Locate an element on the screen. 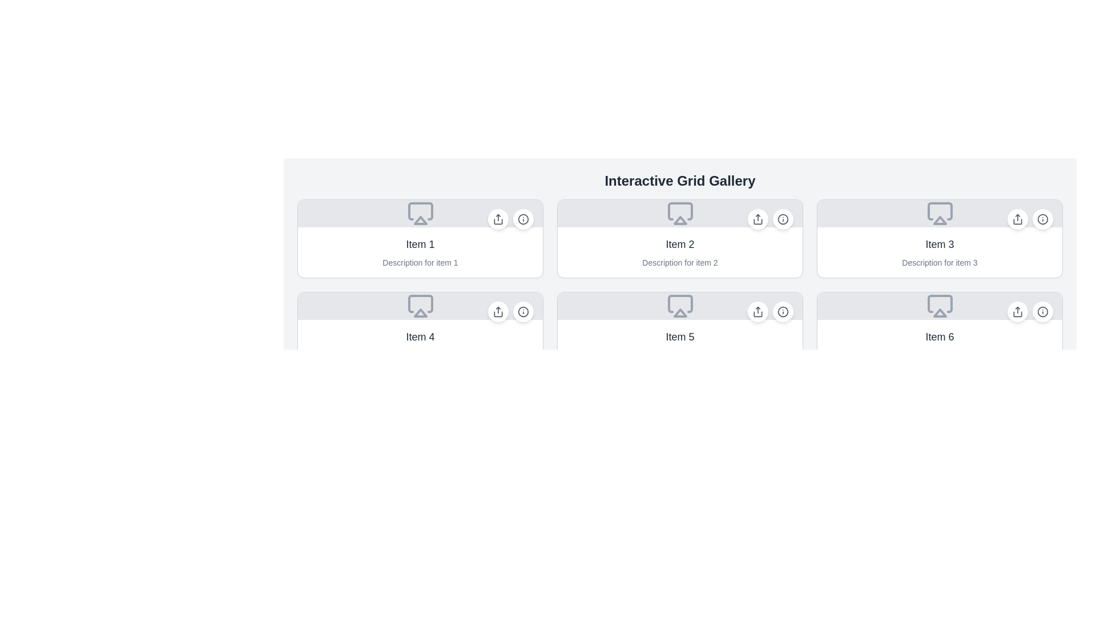  the button located at the top-right corner of the card for 'Item 3' is located at coordinates (1043, 219).